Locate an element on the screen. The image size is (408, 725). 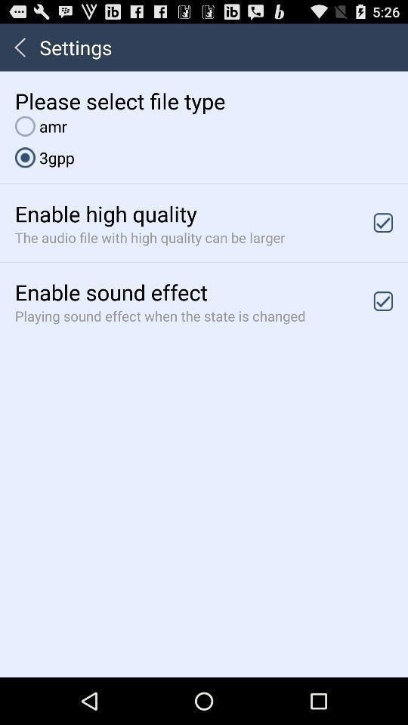
the icon at the top right corner is located at coordinates (383, 222).